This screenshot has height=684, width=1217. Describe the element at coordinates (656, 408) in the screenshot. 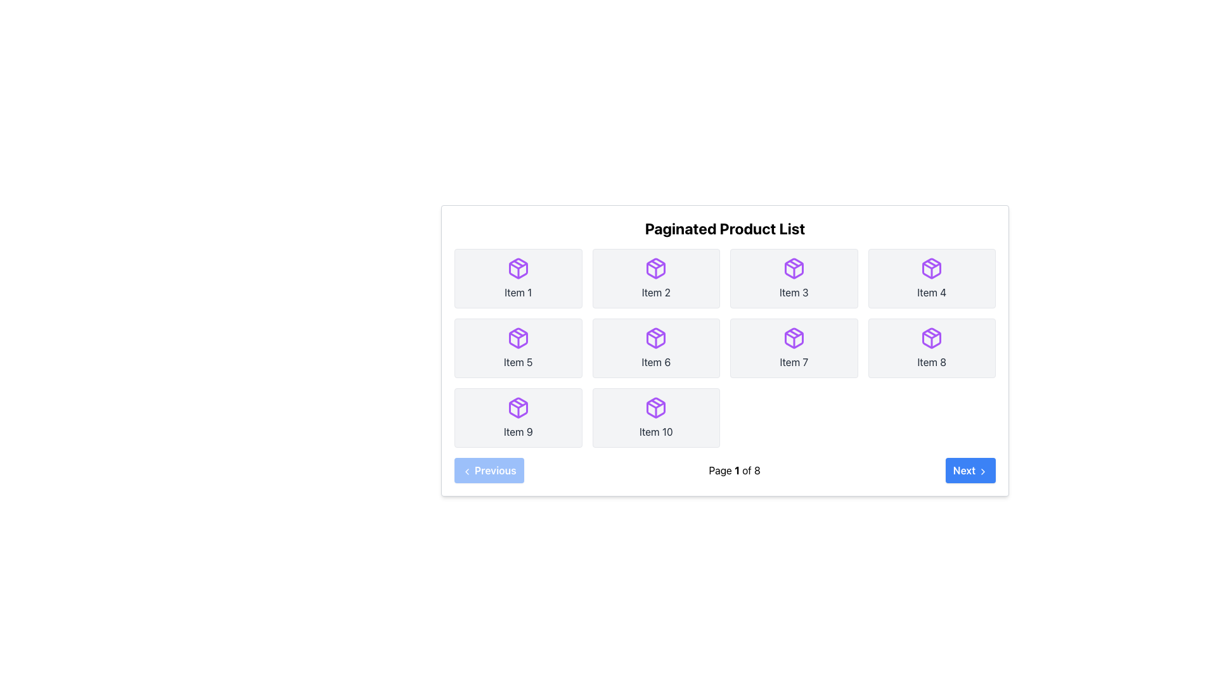

I see `the purple package icon located in the bottom-right corner of the 3x4 grid within the card labeled 'Item 10' to interact with it` at that location.